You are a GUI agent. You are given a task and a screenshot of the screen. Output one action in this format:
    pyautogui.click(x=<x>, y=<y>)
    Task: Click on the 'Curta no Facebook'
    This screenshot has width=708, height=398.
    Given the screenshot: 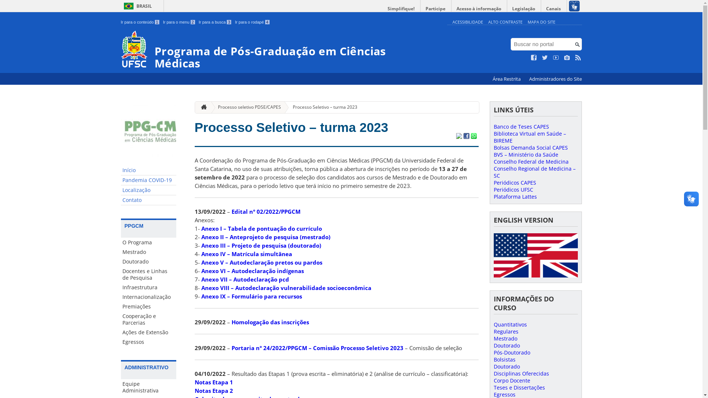 What is the action you would take?
    pyautogui.click(x=534, y=57)
    